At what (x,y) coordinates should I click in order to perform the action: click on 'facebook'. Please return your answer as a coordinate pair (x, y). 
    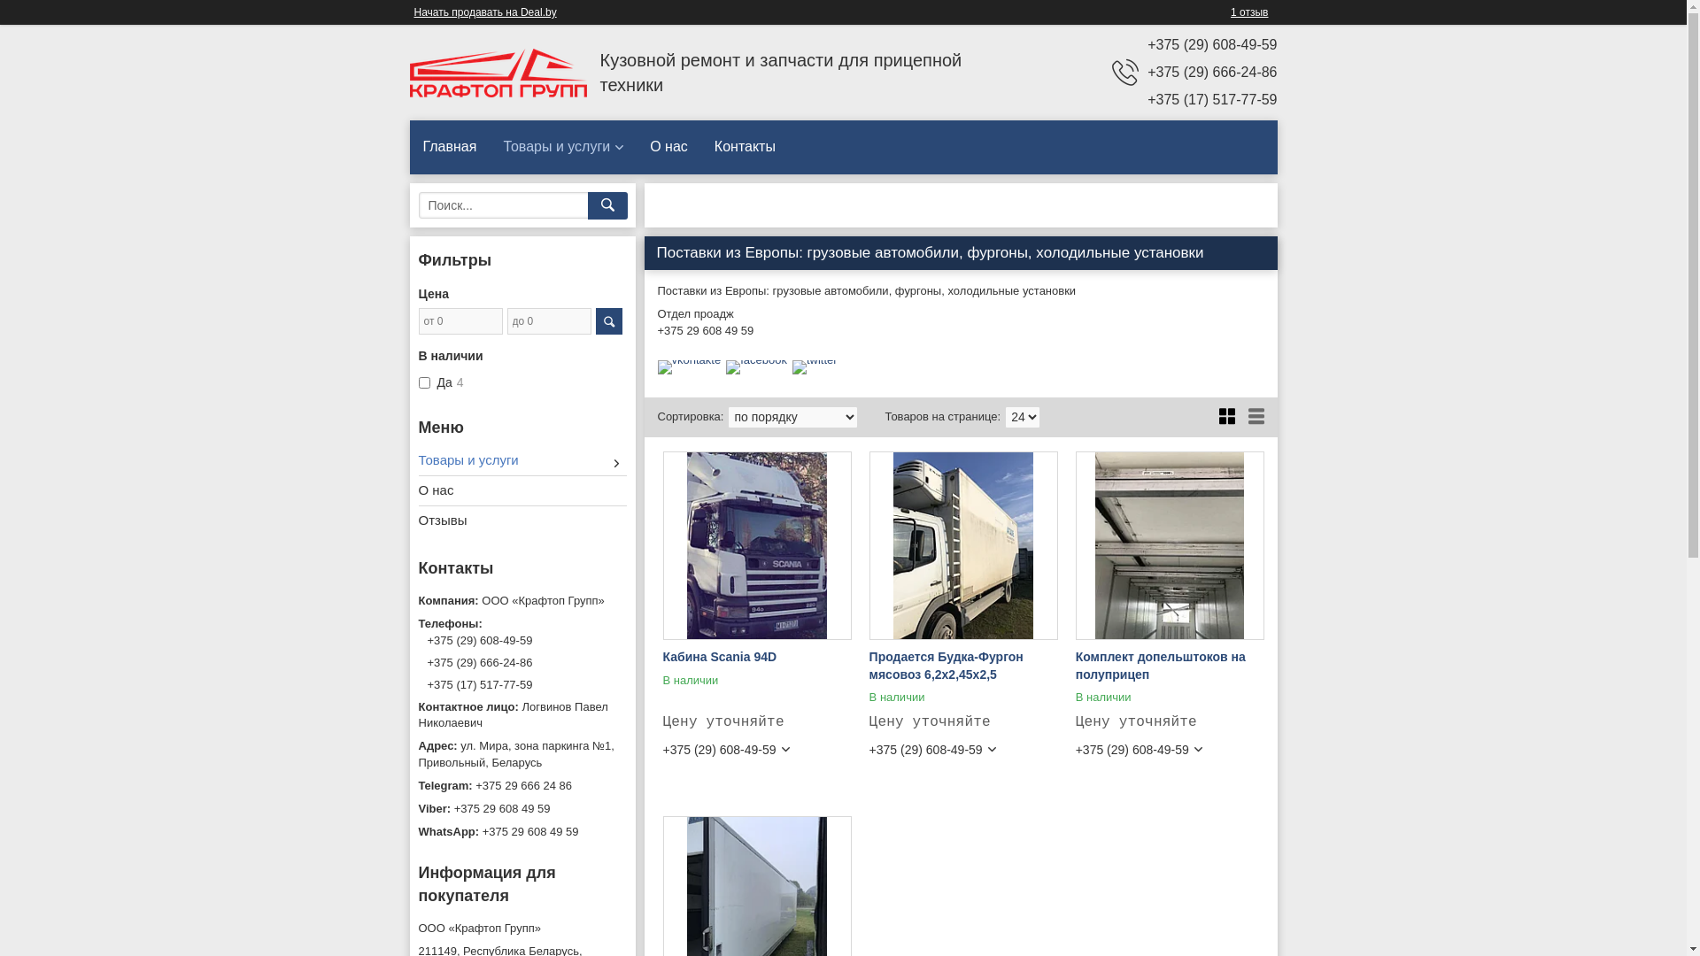
    Looking at the image, I should click on (756, 358).